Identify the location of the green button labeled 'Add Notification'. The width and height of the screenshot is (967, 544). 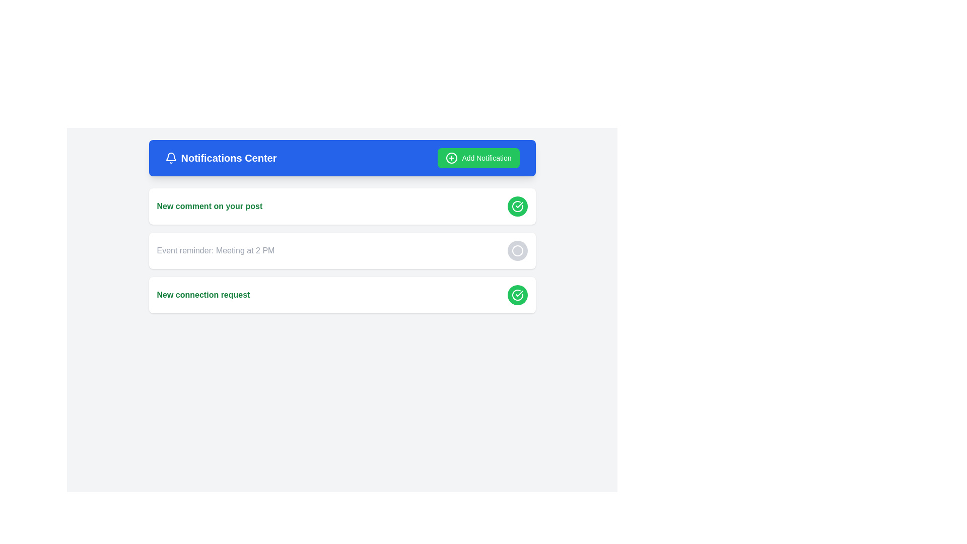
(478, 158).